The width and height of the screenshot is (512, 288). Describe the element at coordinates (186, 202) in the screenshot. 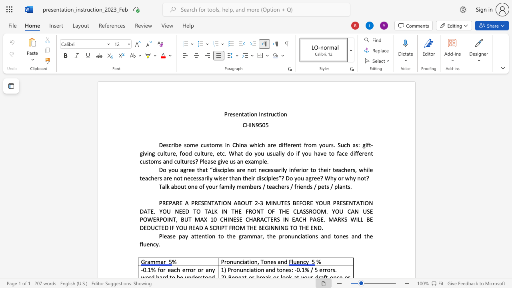

I see `the 2th character "A" in the text` at that location.